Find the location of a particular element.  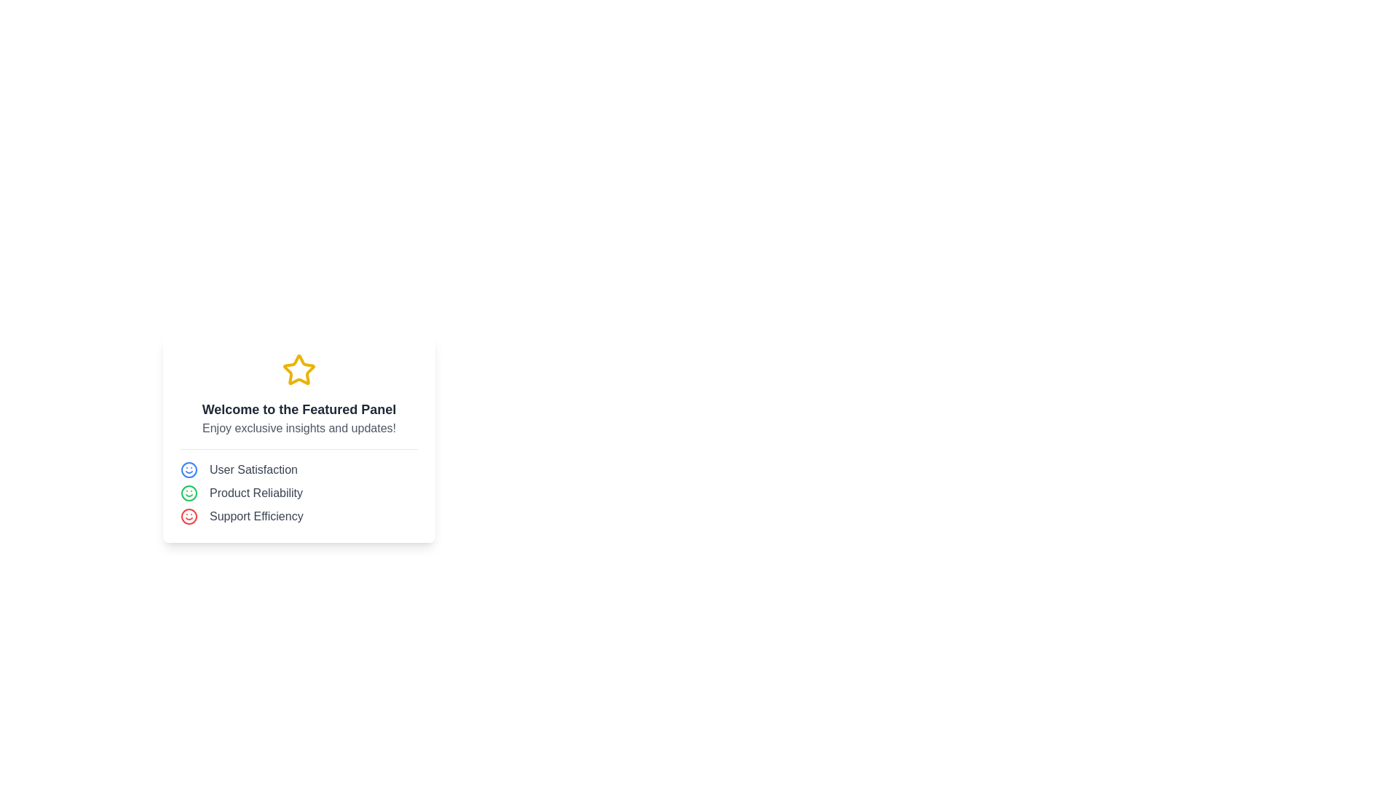

the SVG Circle that represents the boundary of a smiley face icon, centrally located among its facial features is located at coordinates (188, 469).